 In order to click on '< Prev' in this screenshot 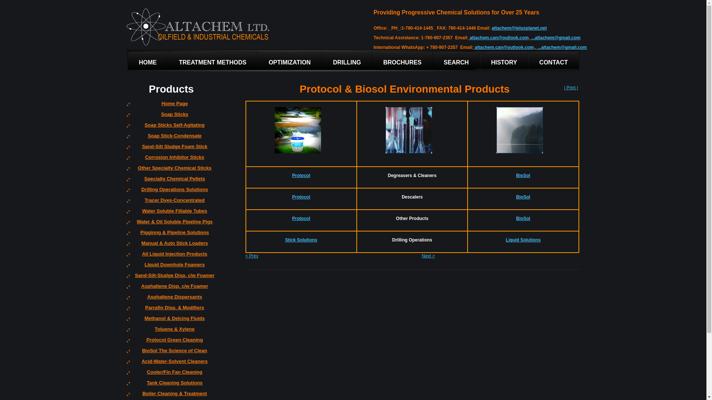, I will do `click(252, 255)`.